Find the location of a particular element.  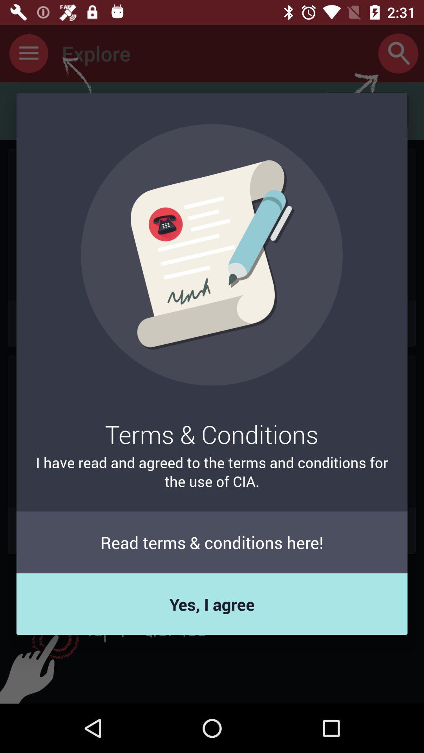

the item below read terms conditions item is located at coordinates (212, 604).